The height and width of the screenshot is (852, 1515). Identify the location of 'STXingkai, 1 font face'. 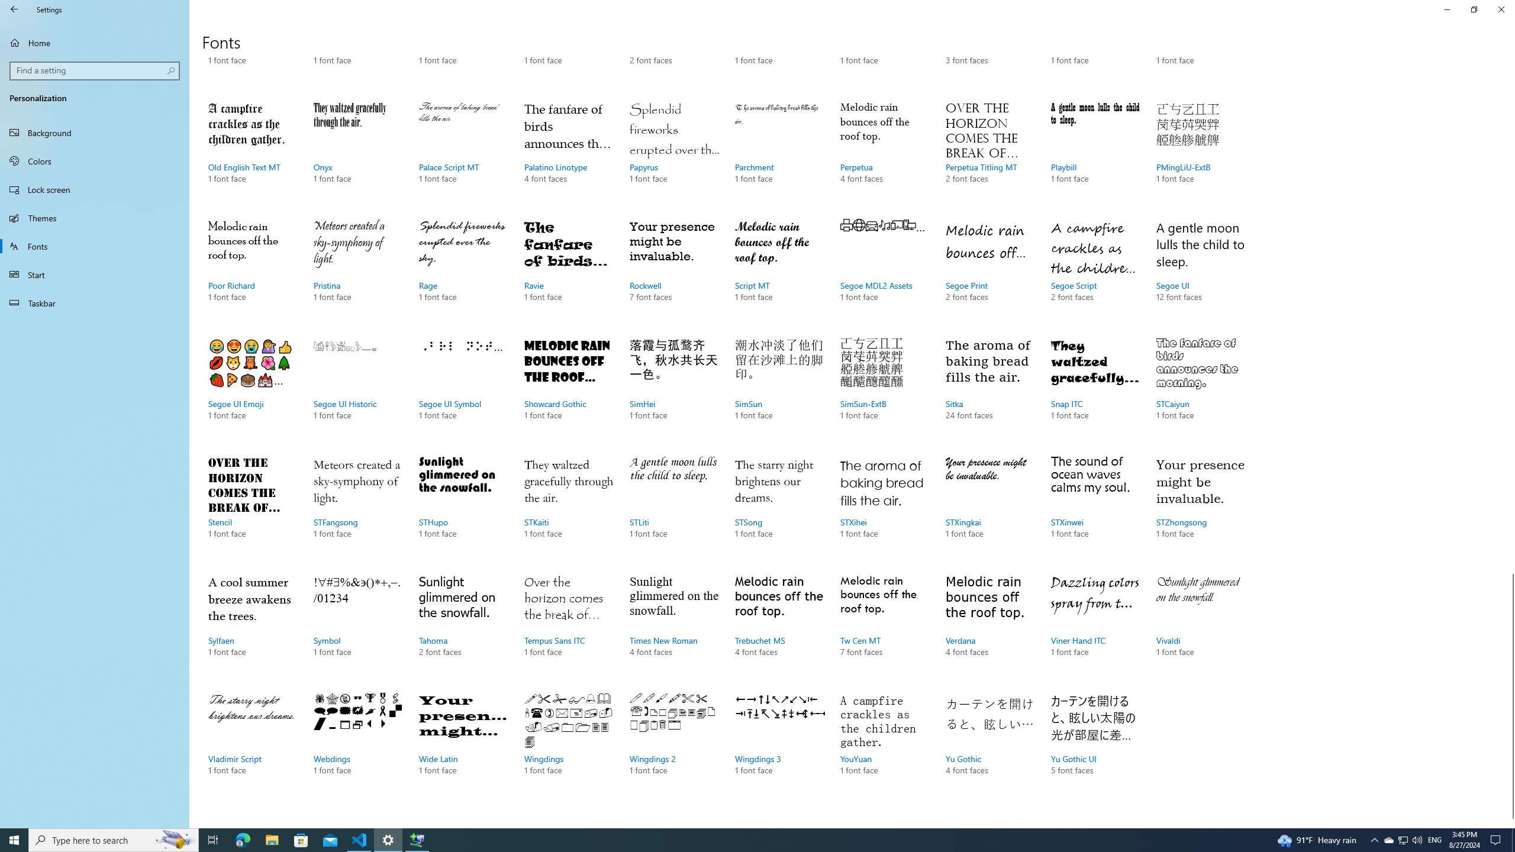
(989, 508).